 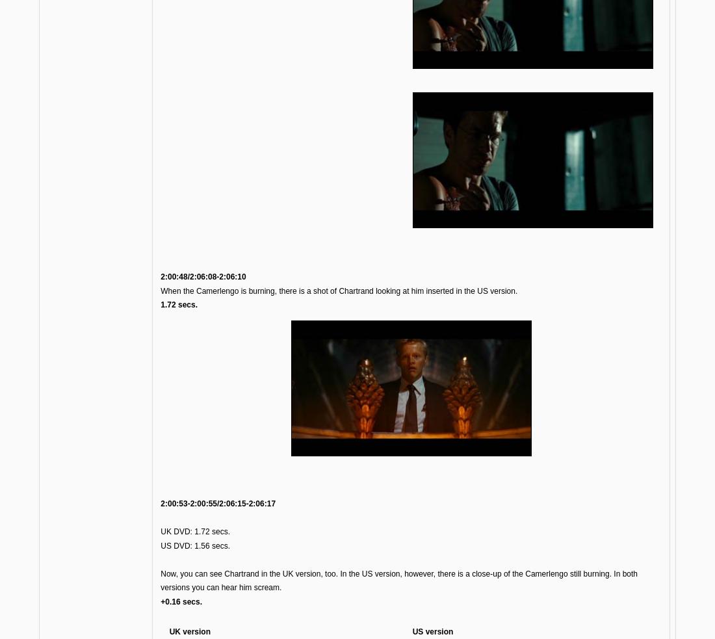 I want to click on 'UK version', so click(x=189, y=631).